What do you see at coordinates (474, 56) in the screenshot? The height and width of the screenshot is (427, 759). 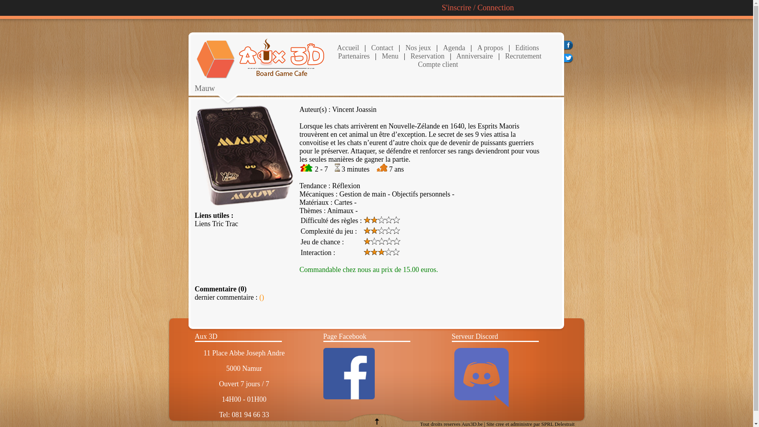 I see `'Anniversaire'` at bounding box center [474, 56].